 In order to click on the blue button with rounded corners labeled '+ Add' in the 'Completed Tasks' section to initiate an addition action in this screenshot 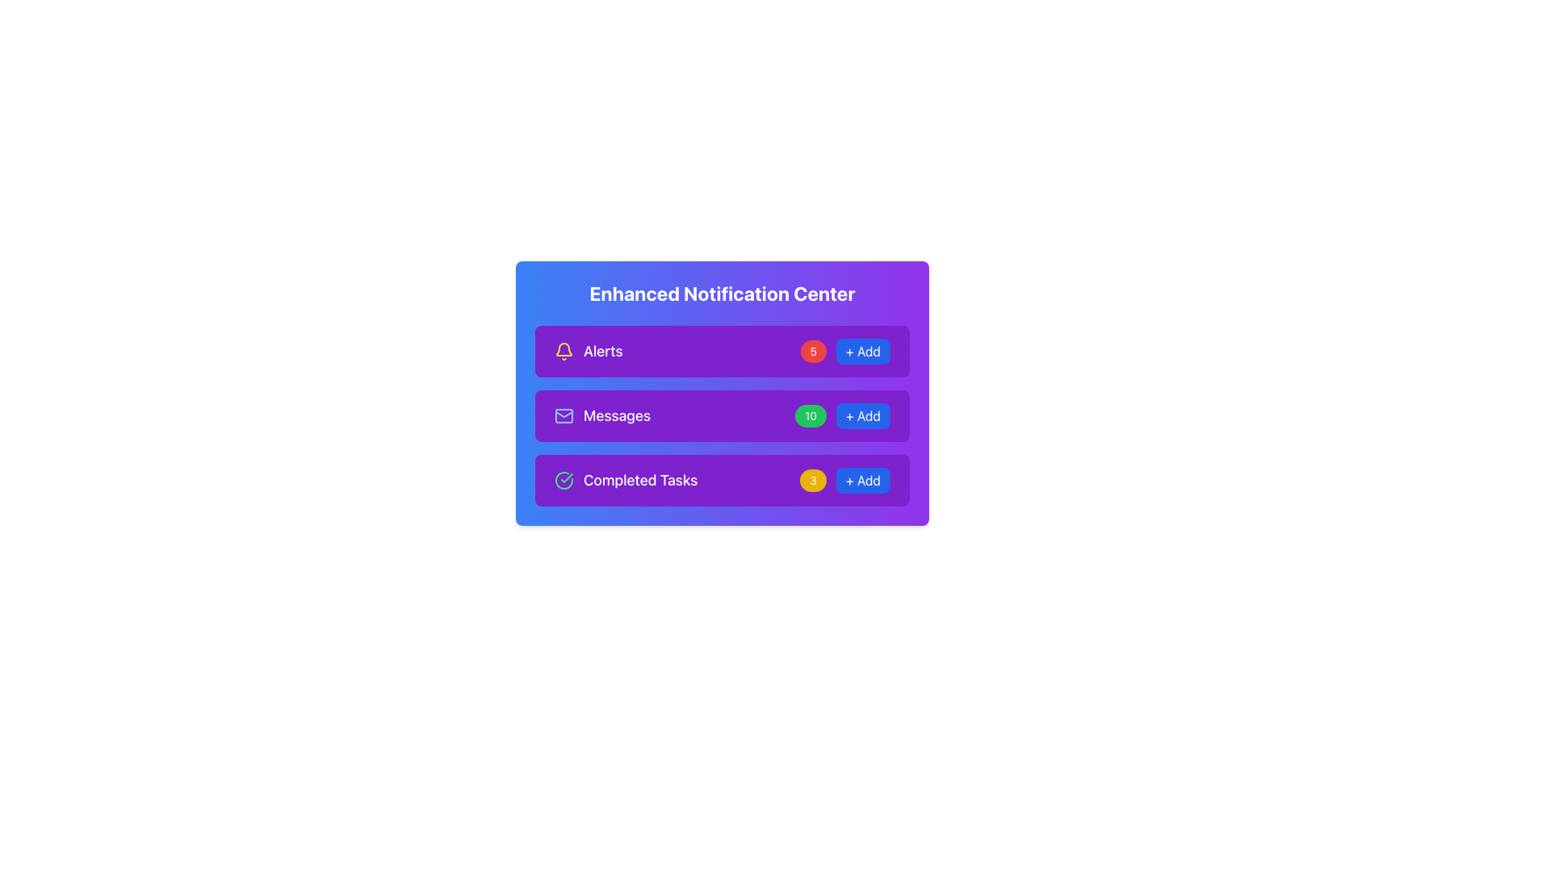, I will do `click(862, 480)`.